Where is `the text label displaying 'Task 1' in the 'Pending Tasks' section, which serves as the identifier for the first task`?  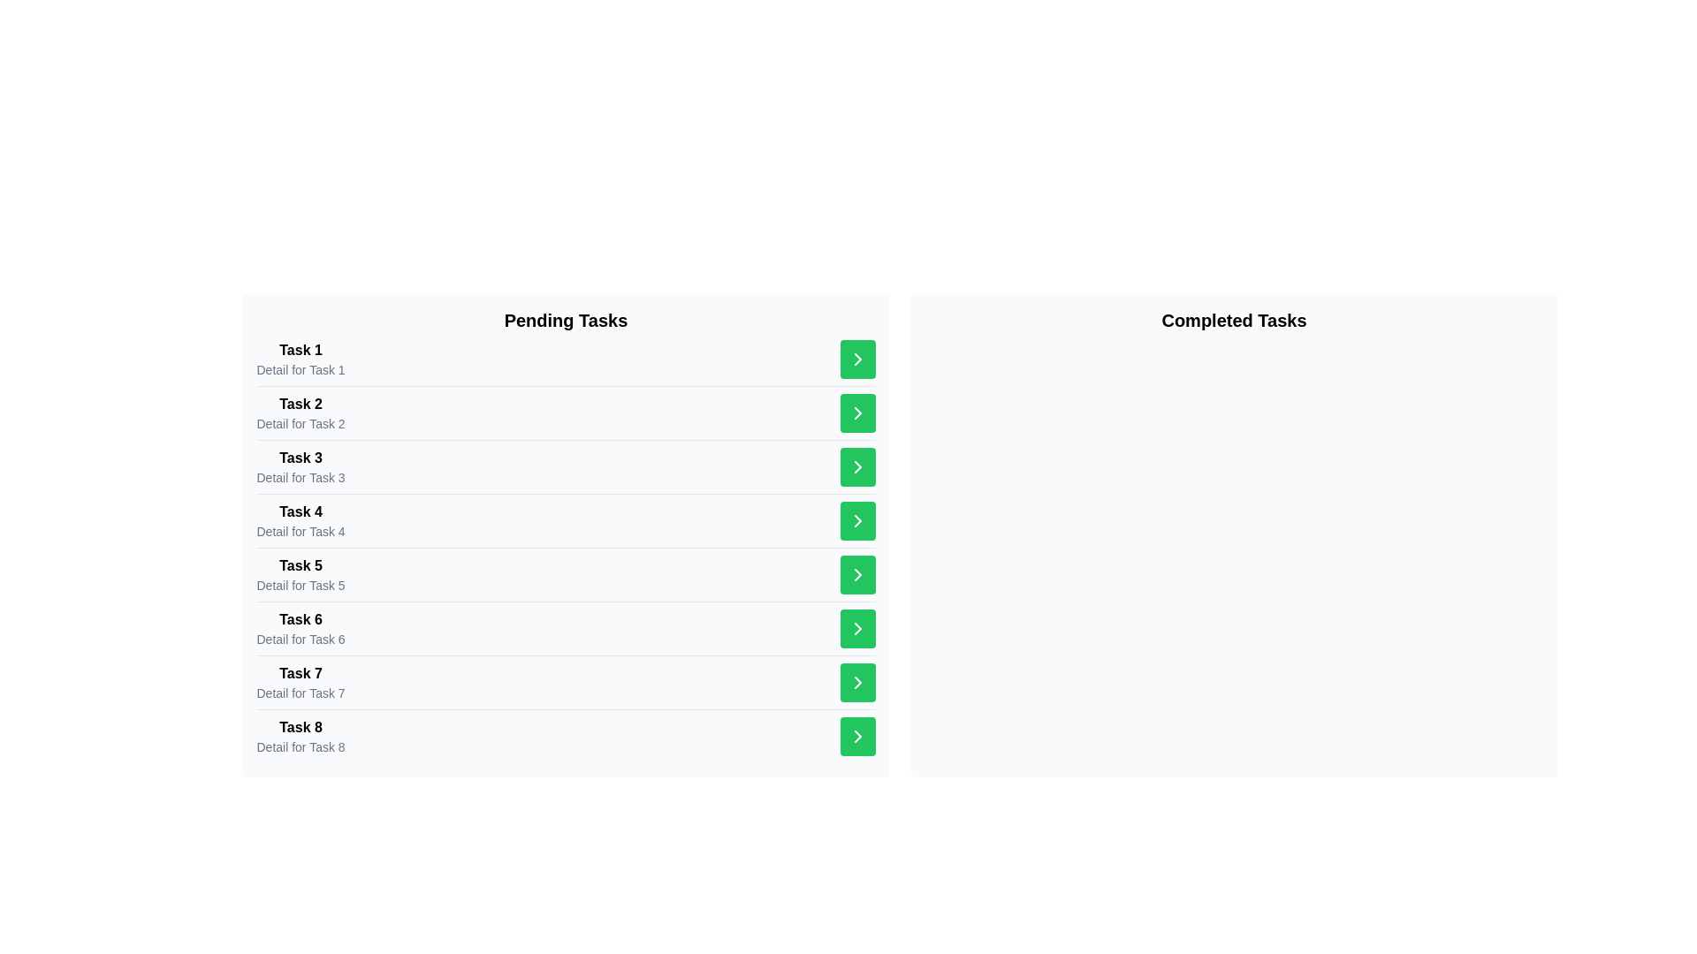
the text label displaying 'Task 1' in the 'Pending Tasks' section, which serves as the identifier for the first task is located at coordinates (301, 351).